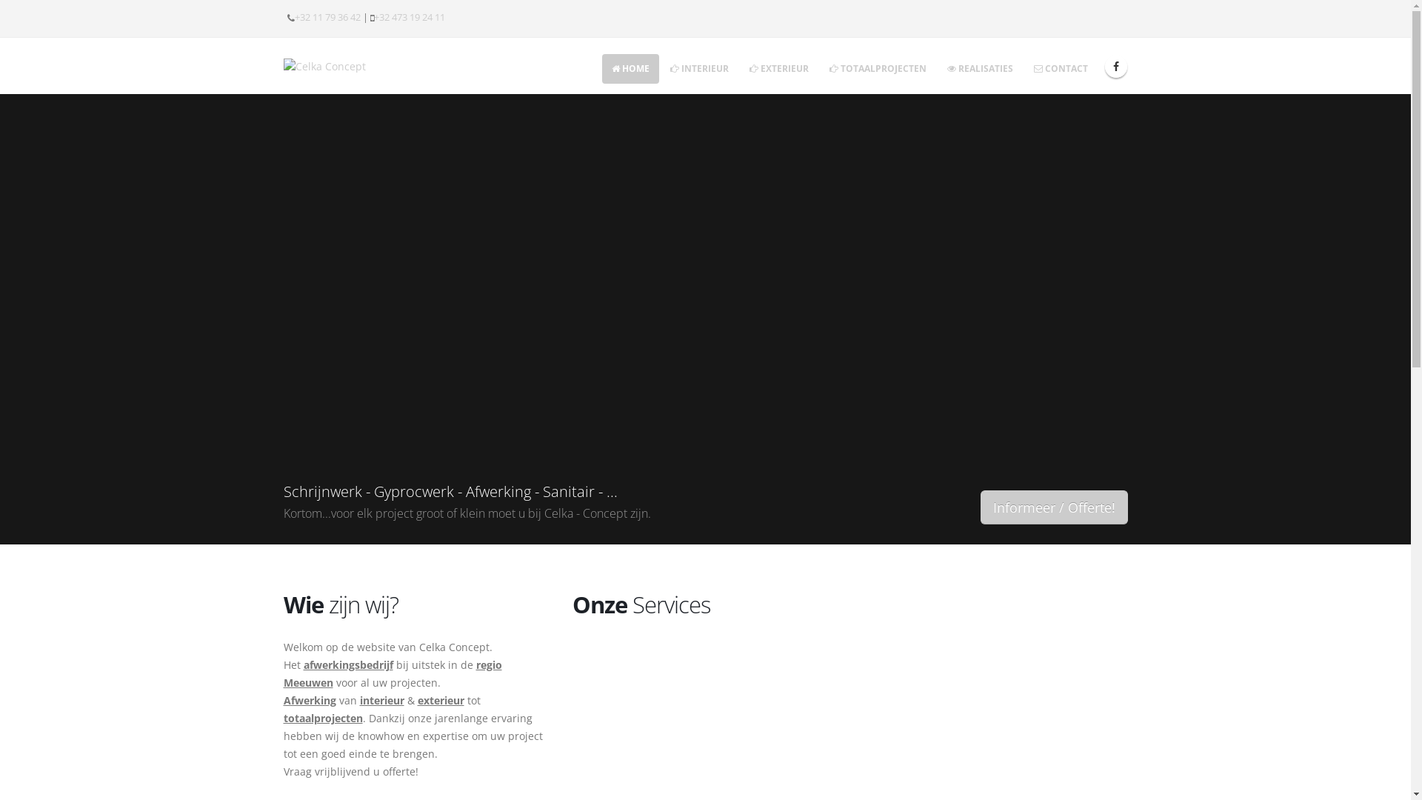 This screenshot has width=1422, height=800. What do you see at coordinates (409, 17) in the screenshot?
I see `'+32 473 19 24 11'` at bounding box center [409, 17].